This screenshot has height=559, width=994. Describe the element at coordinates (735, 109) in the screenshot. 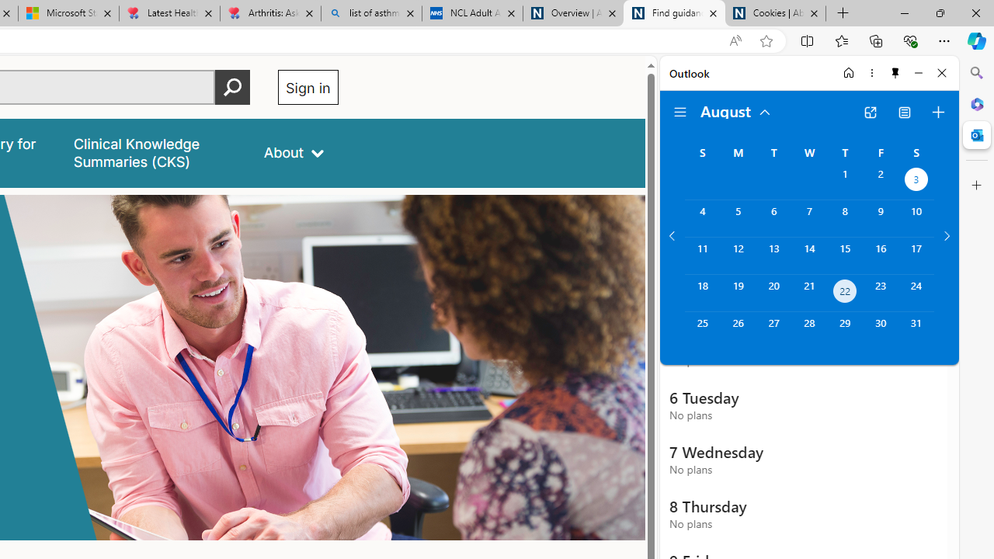

I see `'August'` at that location.